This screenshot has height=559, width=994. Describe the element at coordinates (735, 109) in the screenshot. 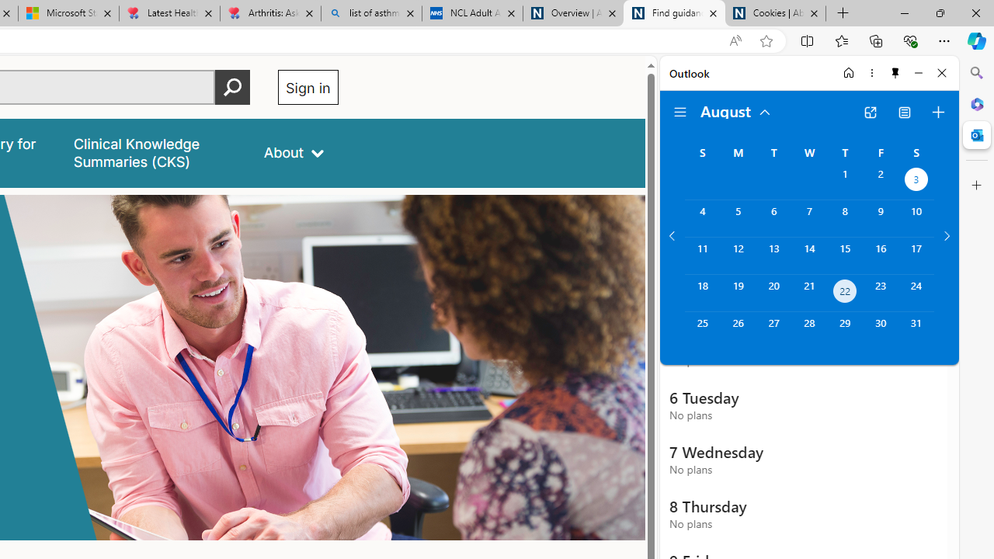

I see `'August'` at that location.